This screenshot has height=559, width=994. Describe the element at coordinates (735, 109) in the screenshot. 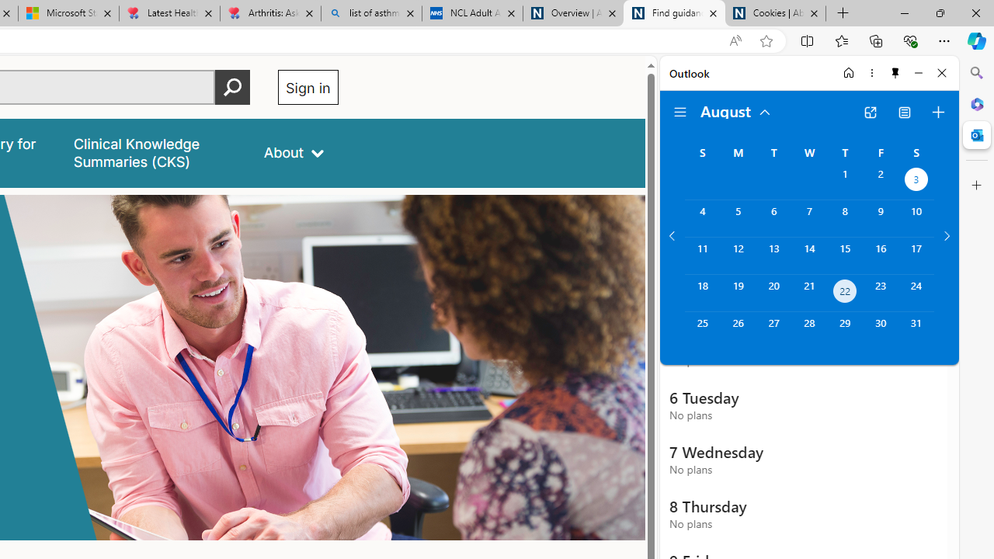

I see `'August'` at that location.